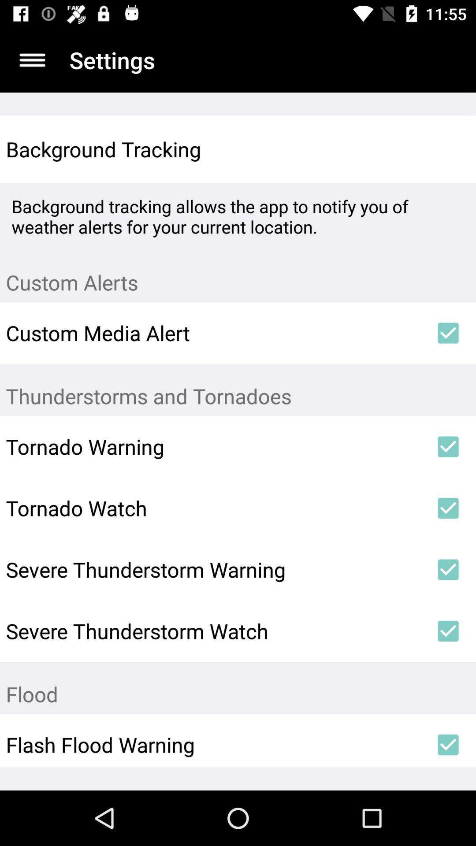 The height and width of the screenshot is (846, 476). I want to click on tornado watch, so click(213, 508).